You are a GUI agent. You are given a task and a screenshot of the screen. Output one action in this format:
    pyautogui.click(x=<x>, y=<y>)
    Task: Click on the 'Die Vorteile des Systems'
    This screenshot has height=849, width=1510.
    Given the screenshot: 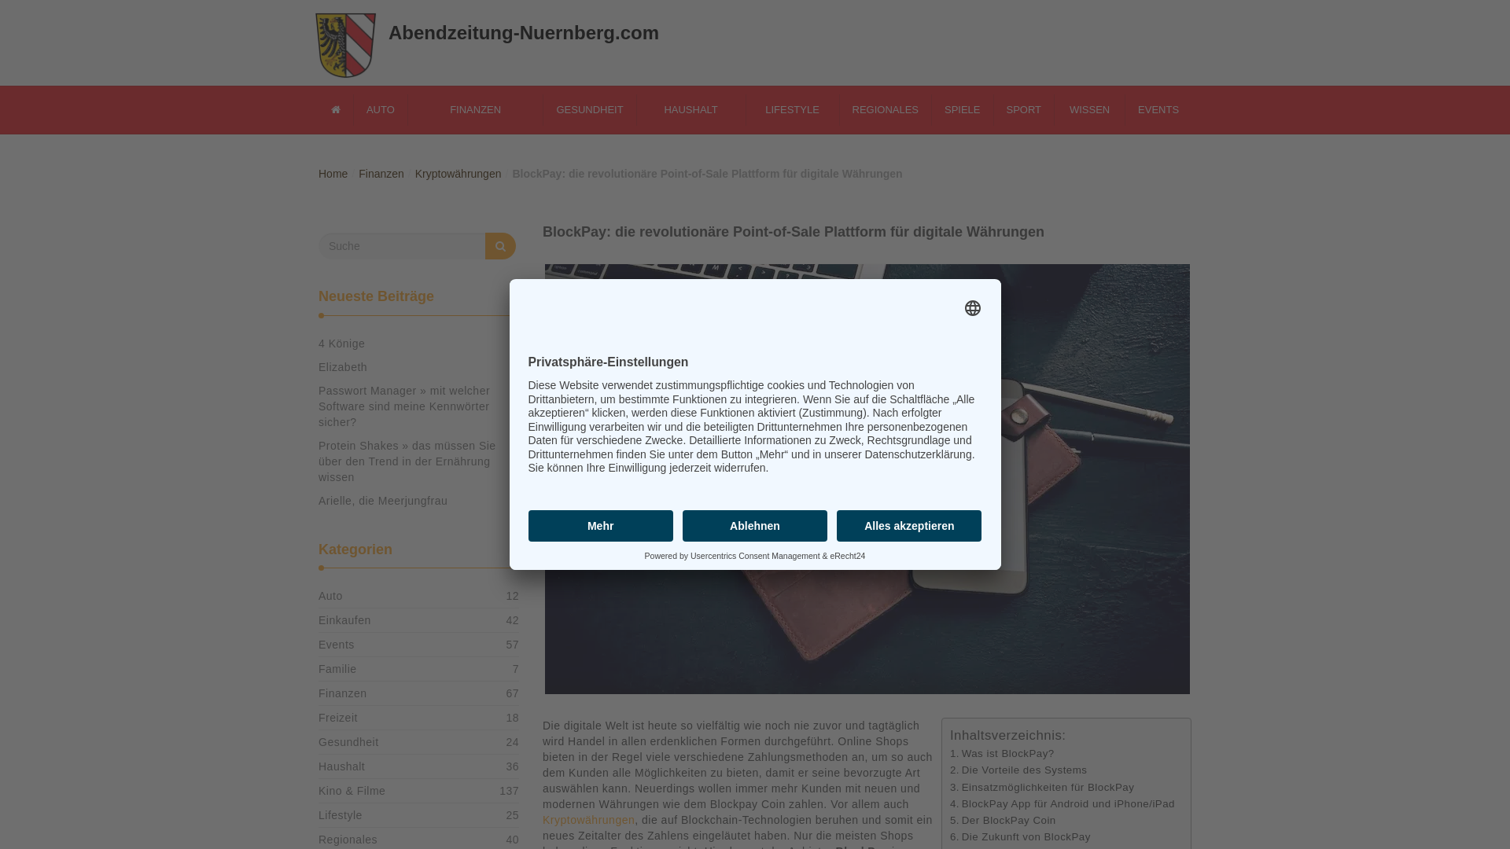 What is the action you would take?
    pyautogui.click(x=1012, y=769)
    